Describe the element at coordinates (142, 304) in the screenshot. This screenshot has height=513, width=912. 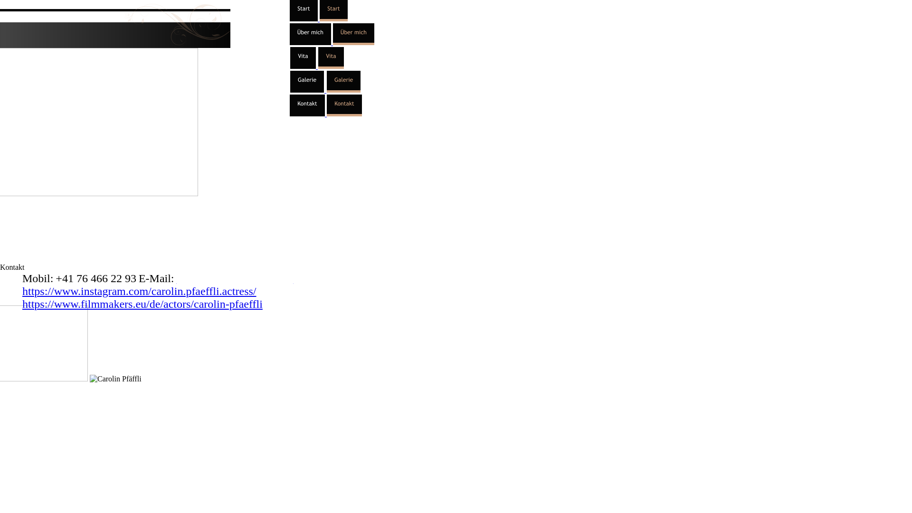
I see `'https://www.filmmakers.eu/de/actors/carolin-pfaeffli'` at that location.